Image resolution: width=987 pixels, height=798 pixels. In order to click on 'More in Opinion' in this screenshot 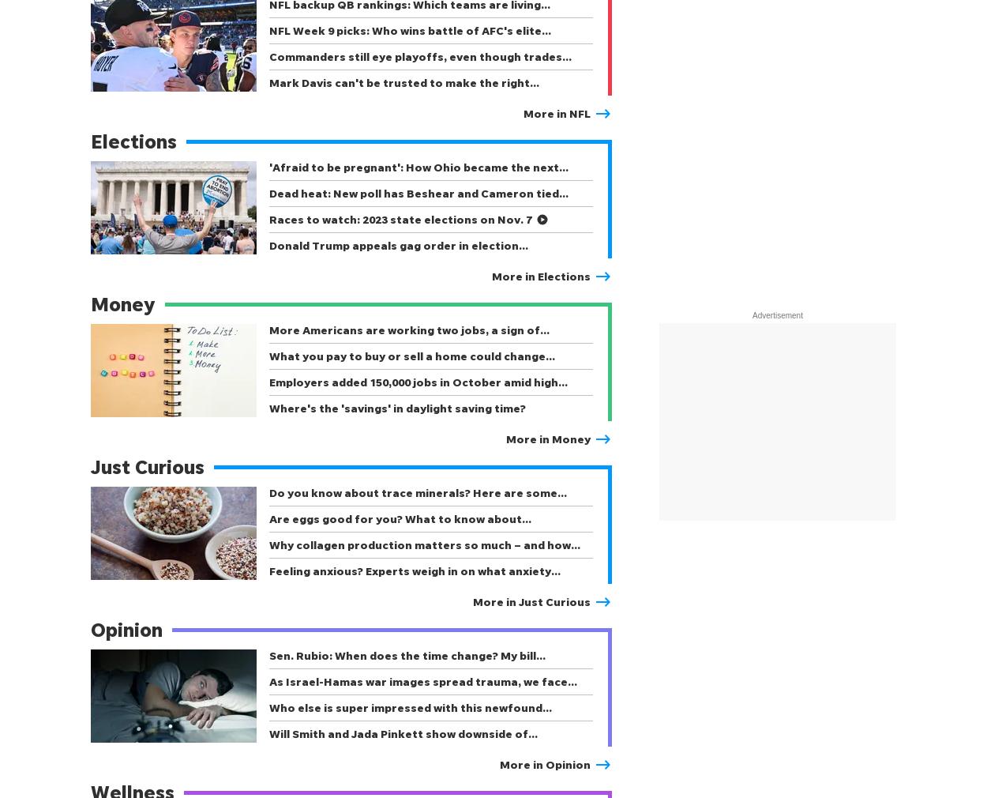, I will do `click(500, 764)`.